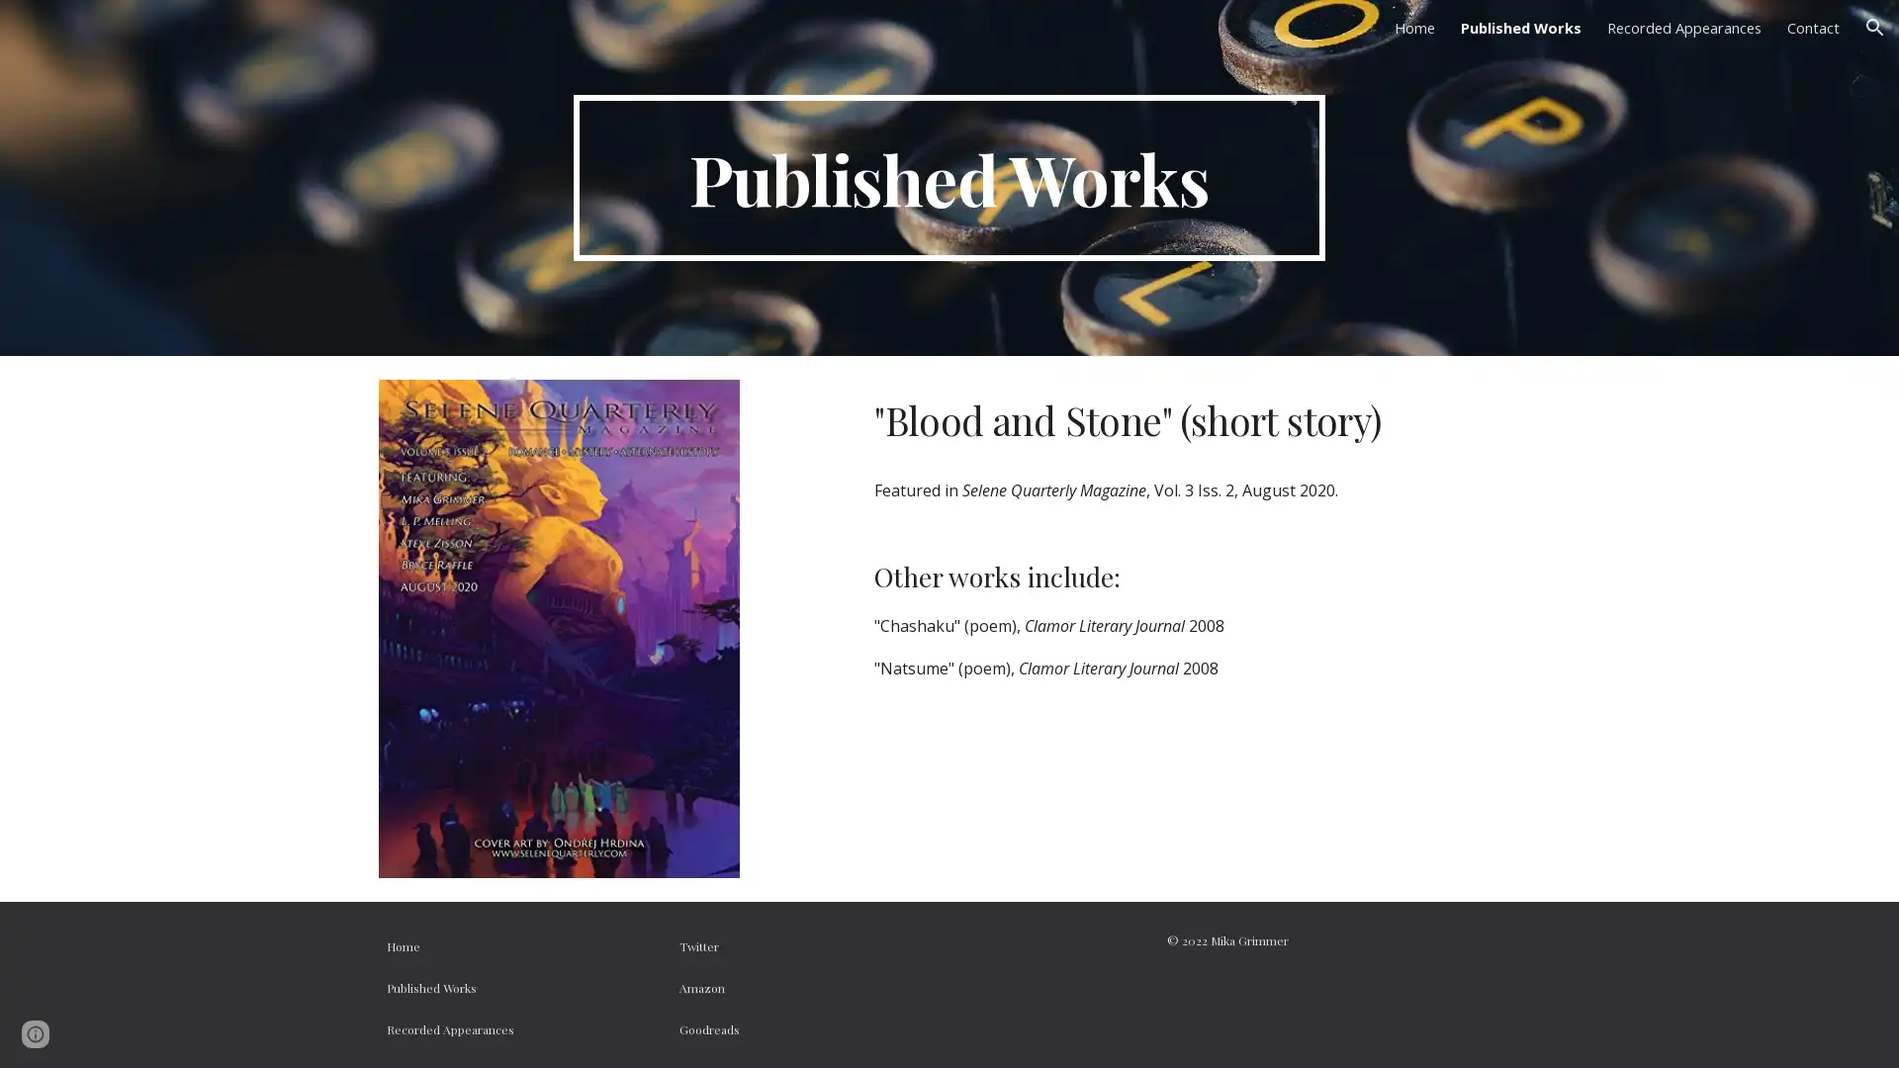 The width and height of the screenshot is (1899, 1068). I want to click on Copy heading link, so click(1143, 576).